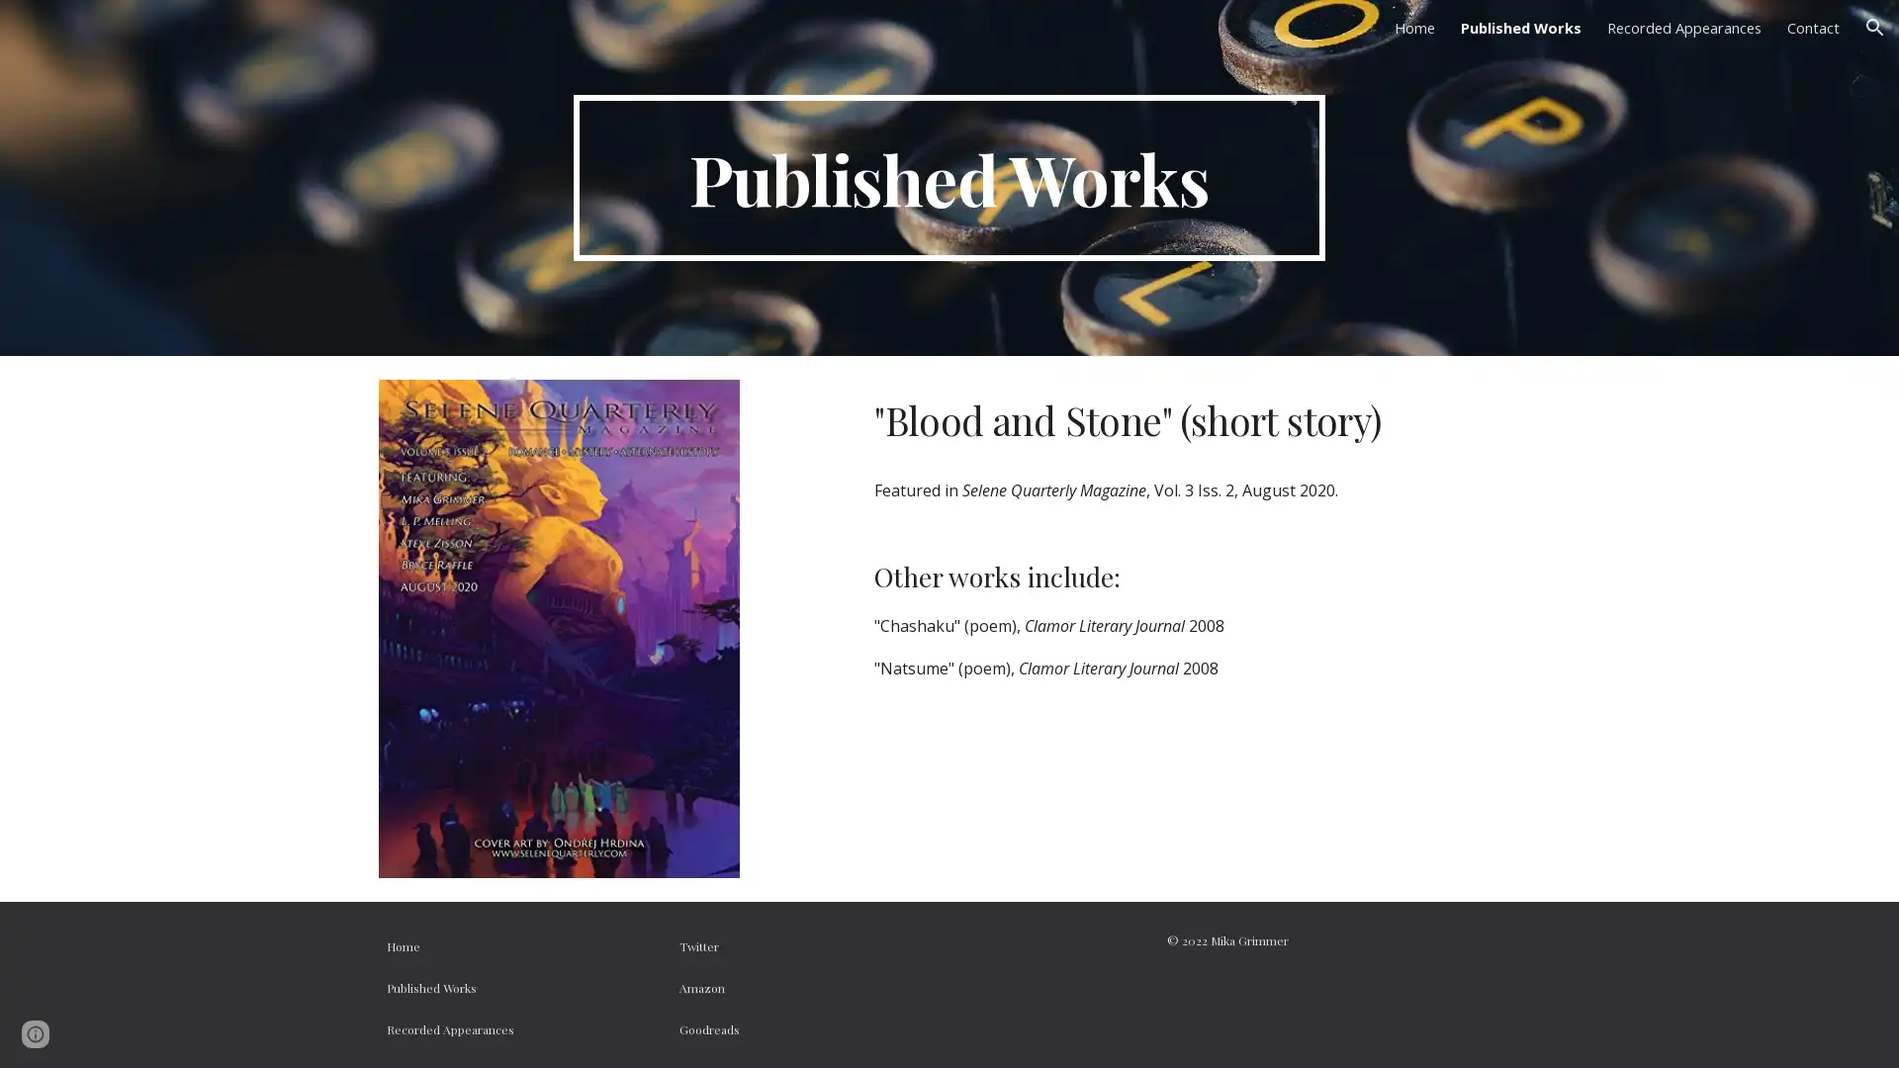 The width and height of the screenshot is (1899, 1068). I want to click on Copy heading link, so click(1143, 576).